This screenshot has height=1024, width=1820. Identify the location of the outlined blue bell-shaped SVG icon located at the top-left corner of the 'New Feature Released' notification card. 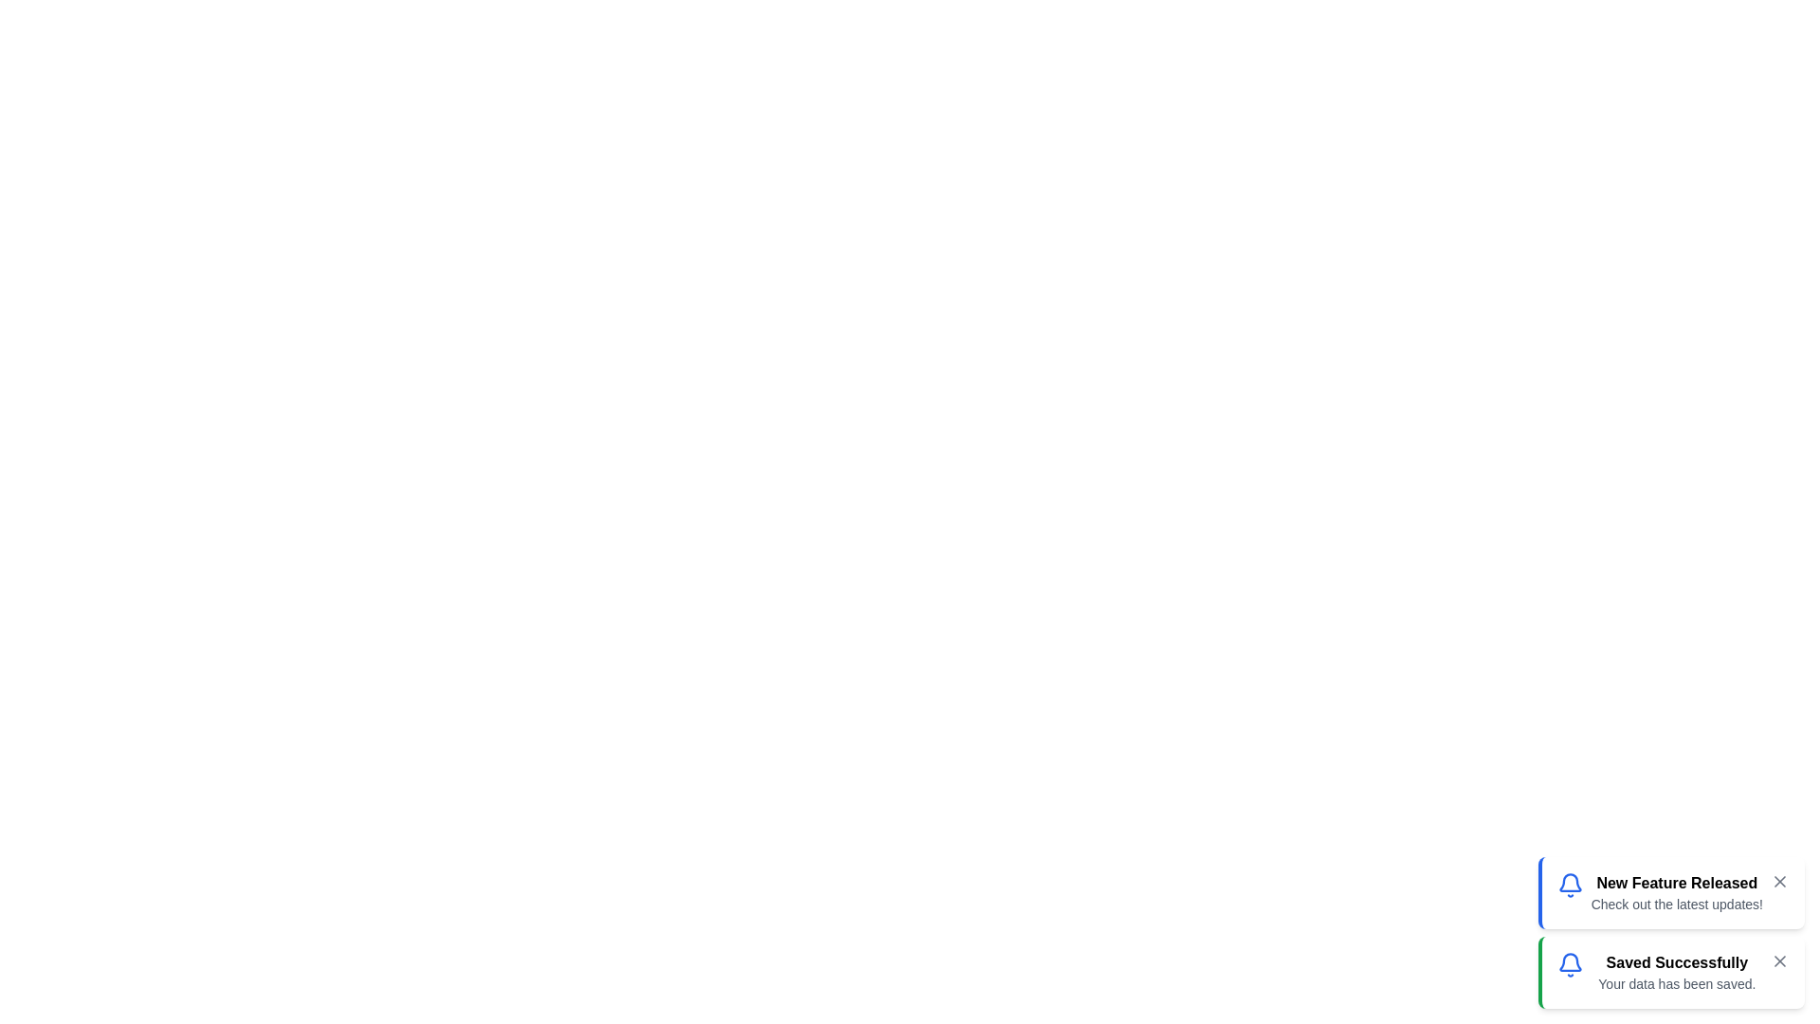
(1570, 885).